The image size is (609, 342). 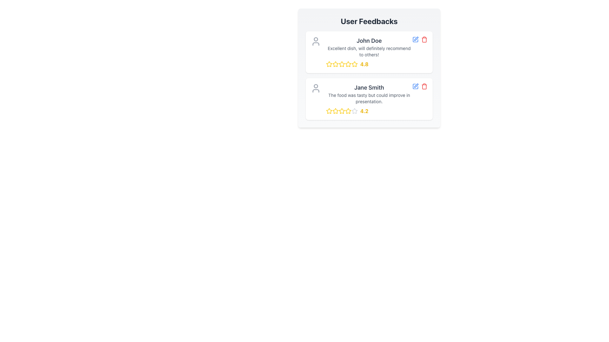 I want to click on the fourth star-shaped icon for rating, which is yellow and located under the user's name 'John Doe' in the rating section, so click(x=342, y=64).